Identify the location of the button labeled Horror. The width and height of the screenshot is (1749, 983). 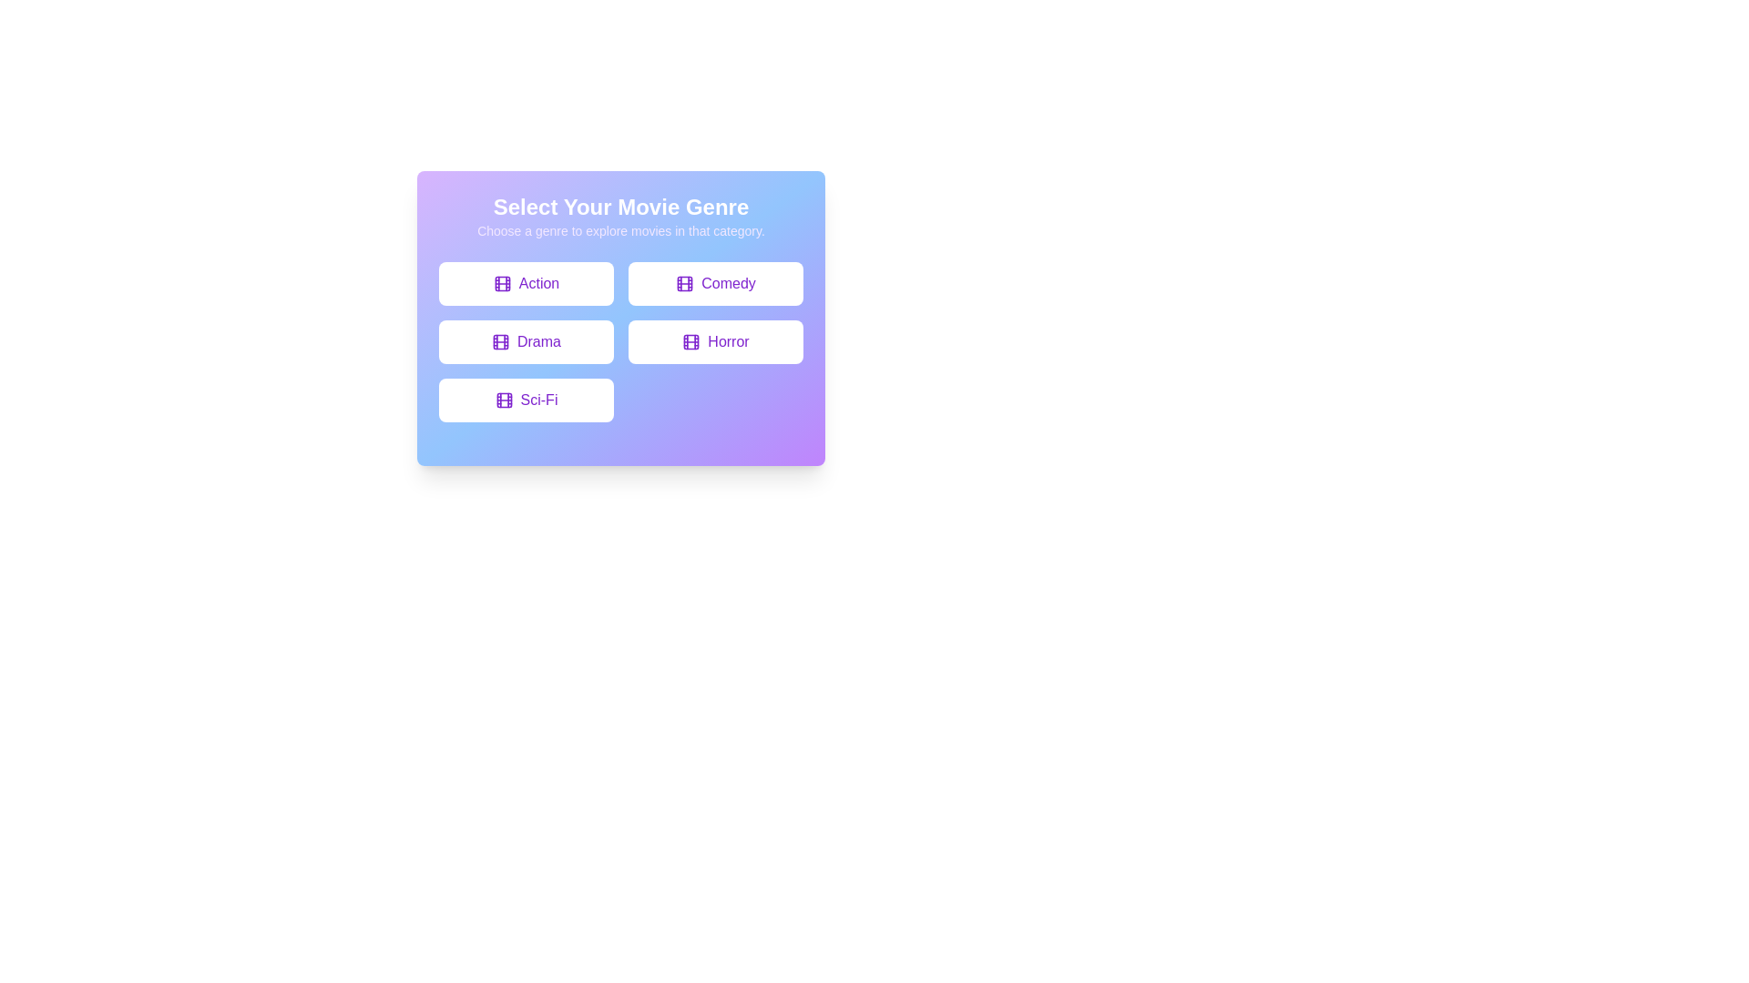
(715, 341).